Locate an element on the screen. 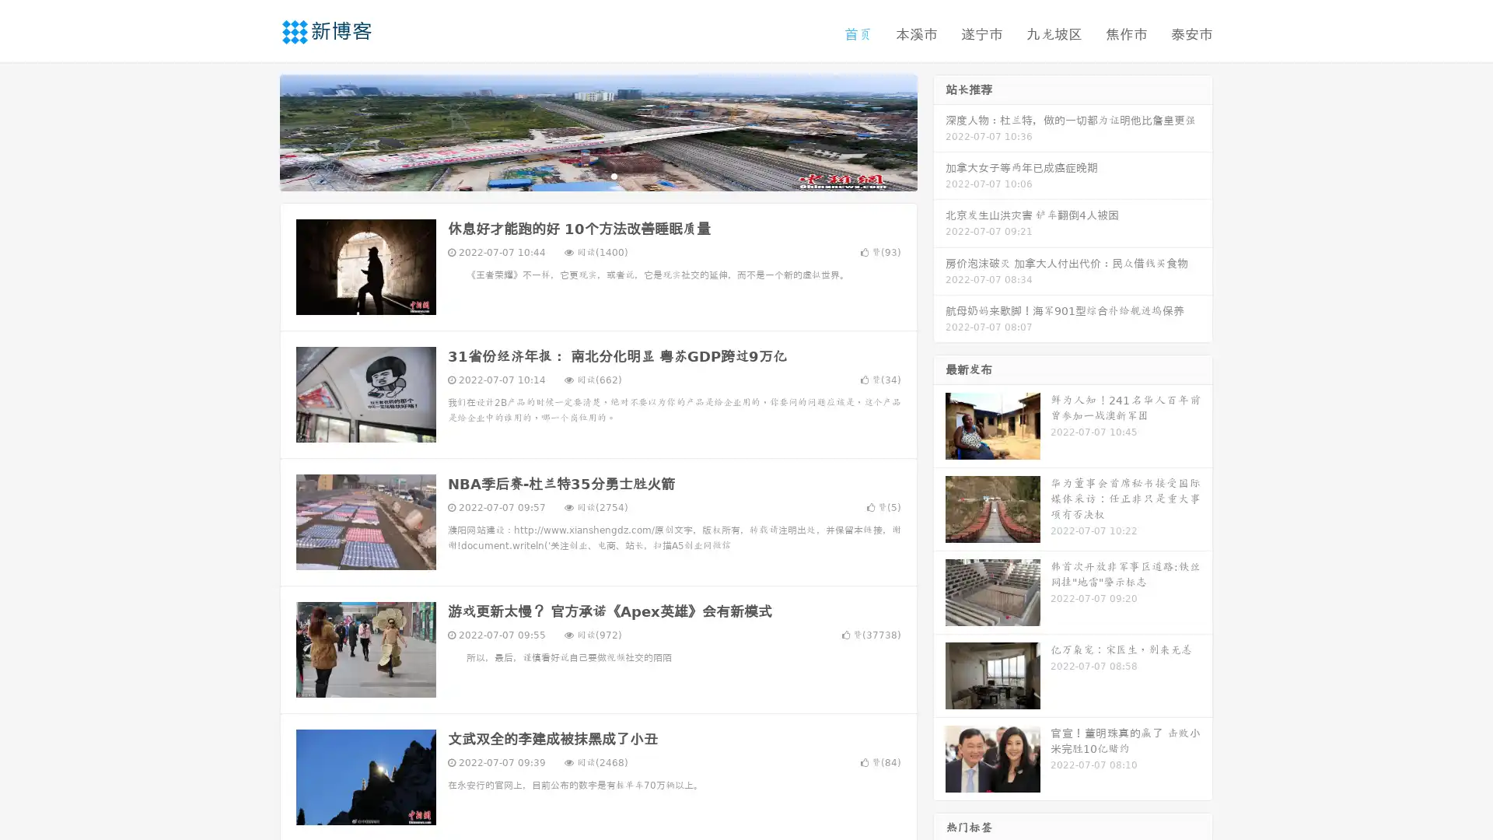 The image size is (1493, 840). Previous slide is located at coordinates (257, 131).